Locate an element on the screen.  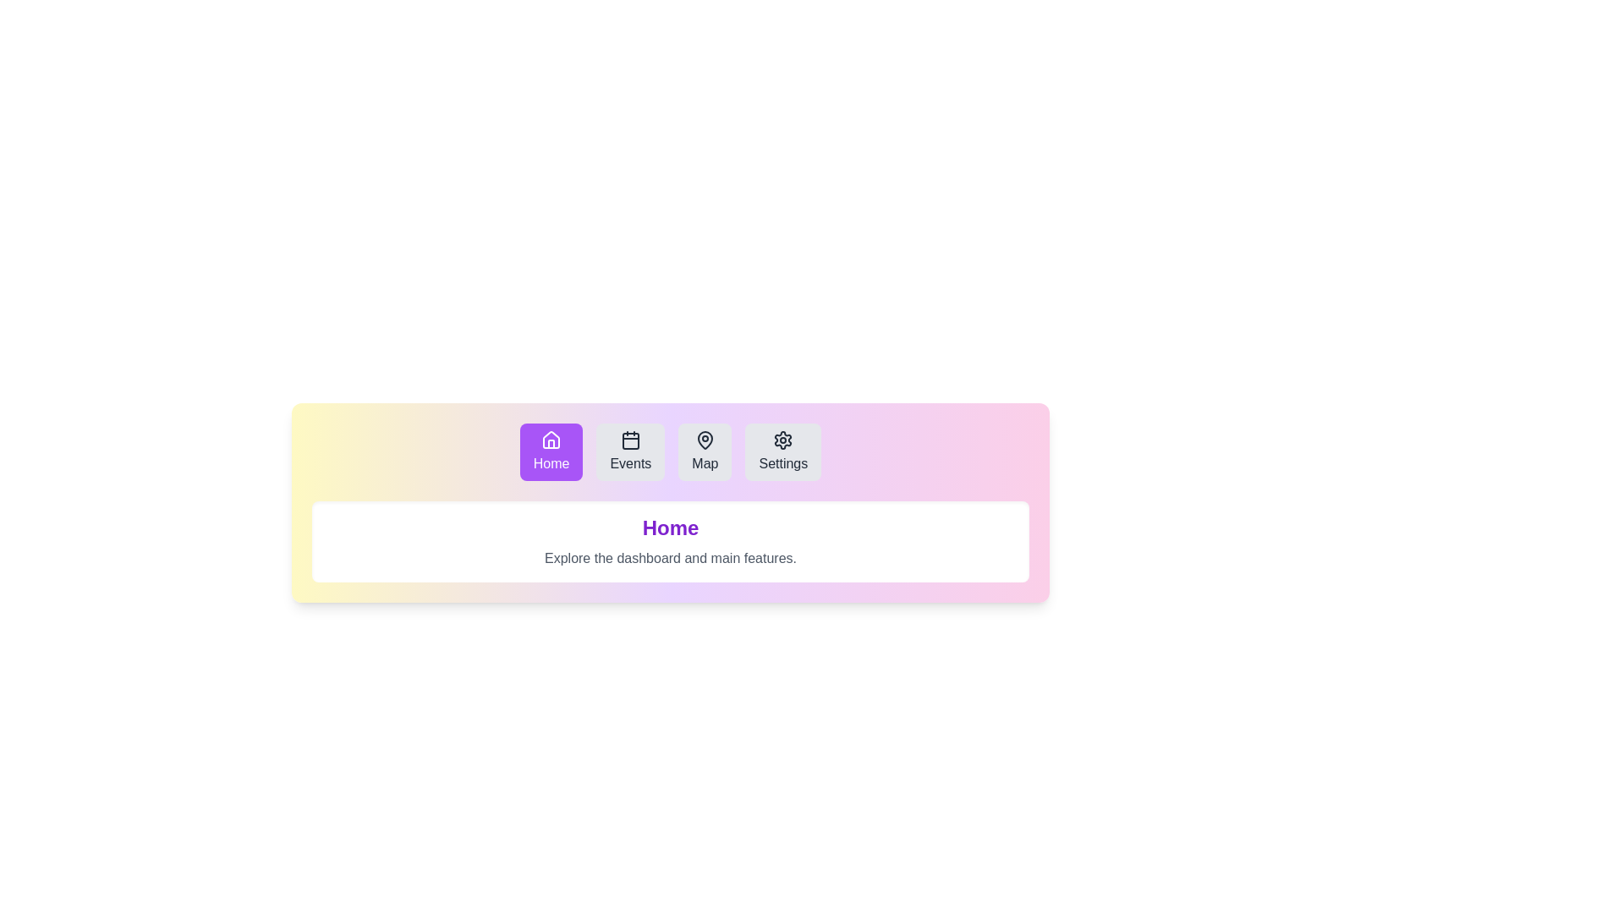
the Home tab to observe its hover effect is located at coordinates (551, 451).